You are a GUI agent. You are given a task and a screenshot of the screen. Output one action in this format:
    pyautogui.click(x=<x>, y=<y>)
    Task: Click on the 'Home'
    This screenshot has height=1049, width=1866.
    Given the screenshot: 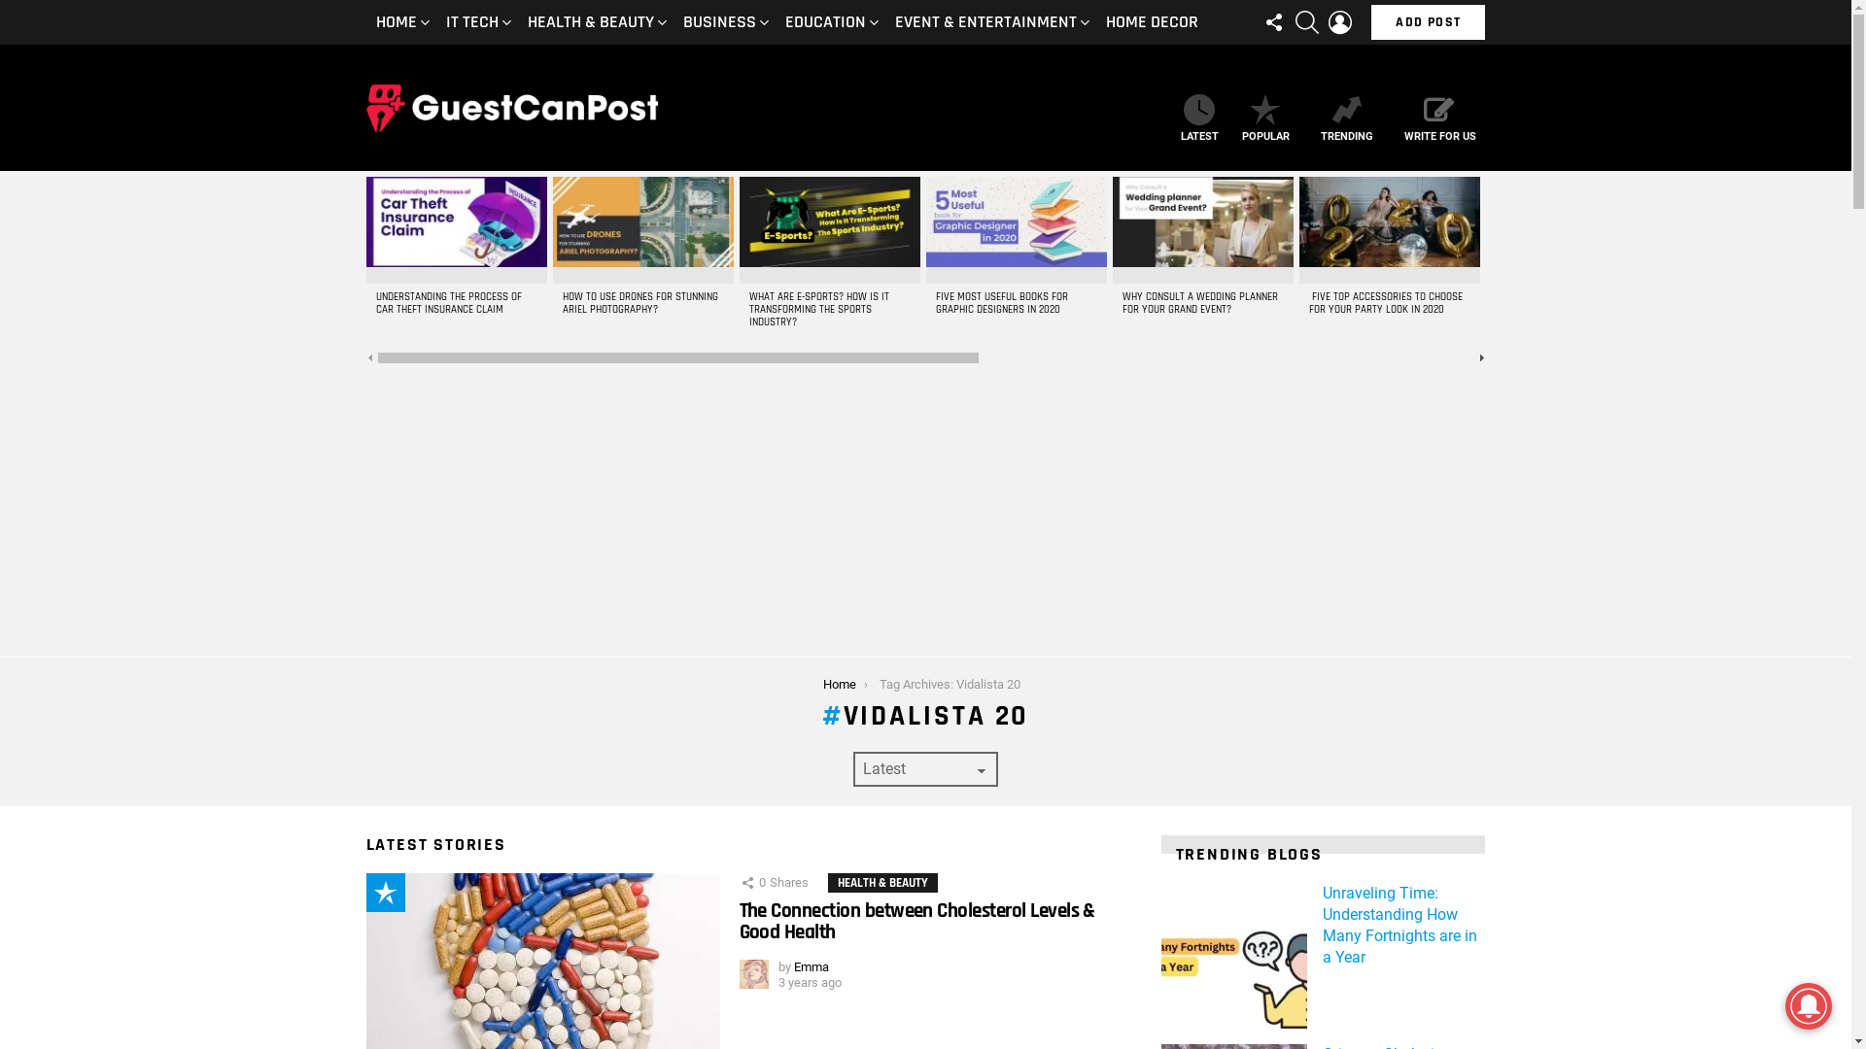 What is the action you would take?
    pyautogui.click(x=840, y=683)
    